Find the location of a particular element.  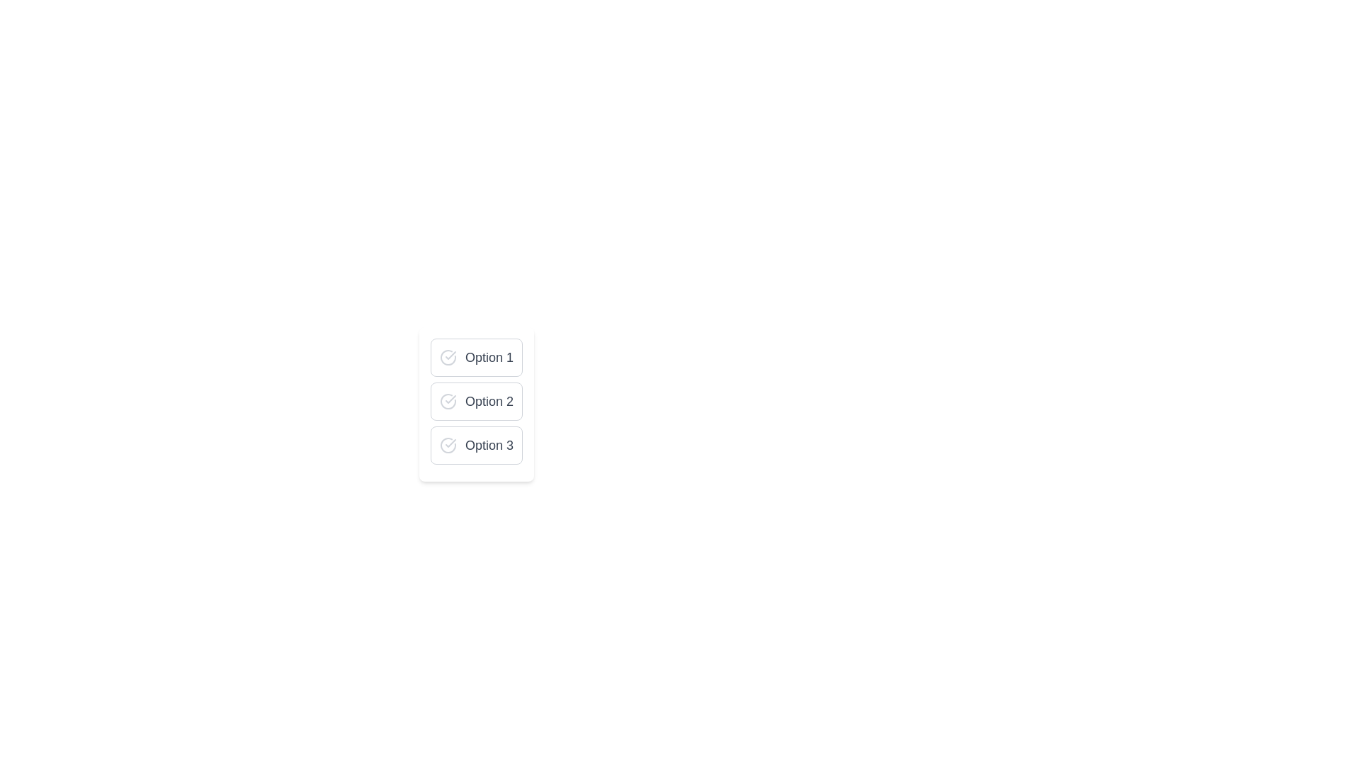

the SVG checkmark icon located in the leftmost part of the 'Option 2' option panel, which is adjacent to the 'Option 2' text label is located at coordinates (448, 402).